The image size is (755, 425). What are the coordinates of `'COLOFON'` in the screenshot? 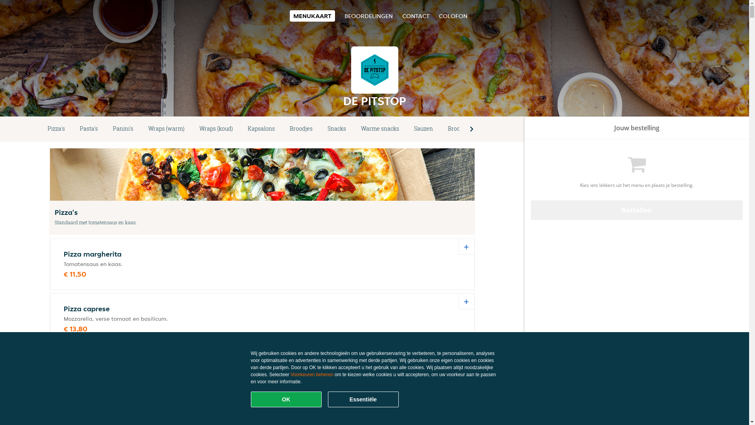 It's located at (453, 16).